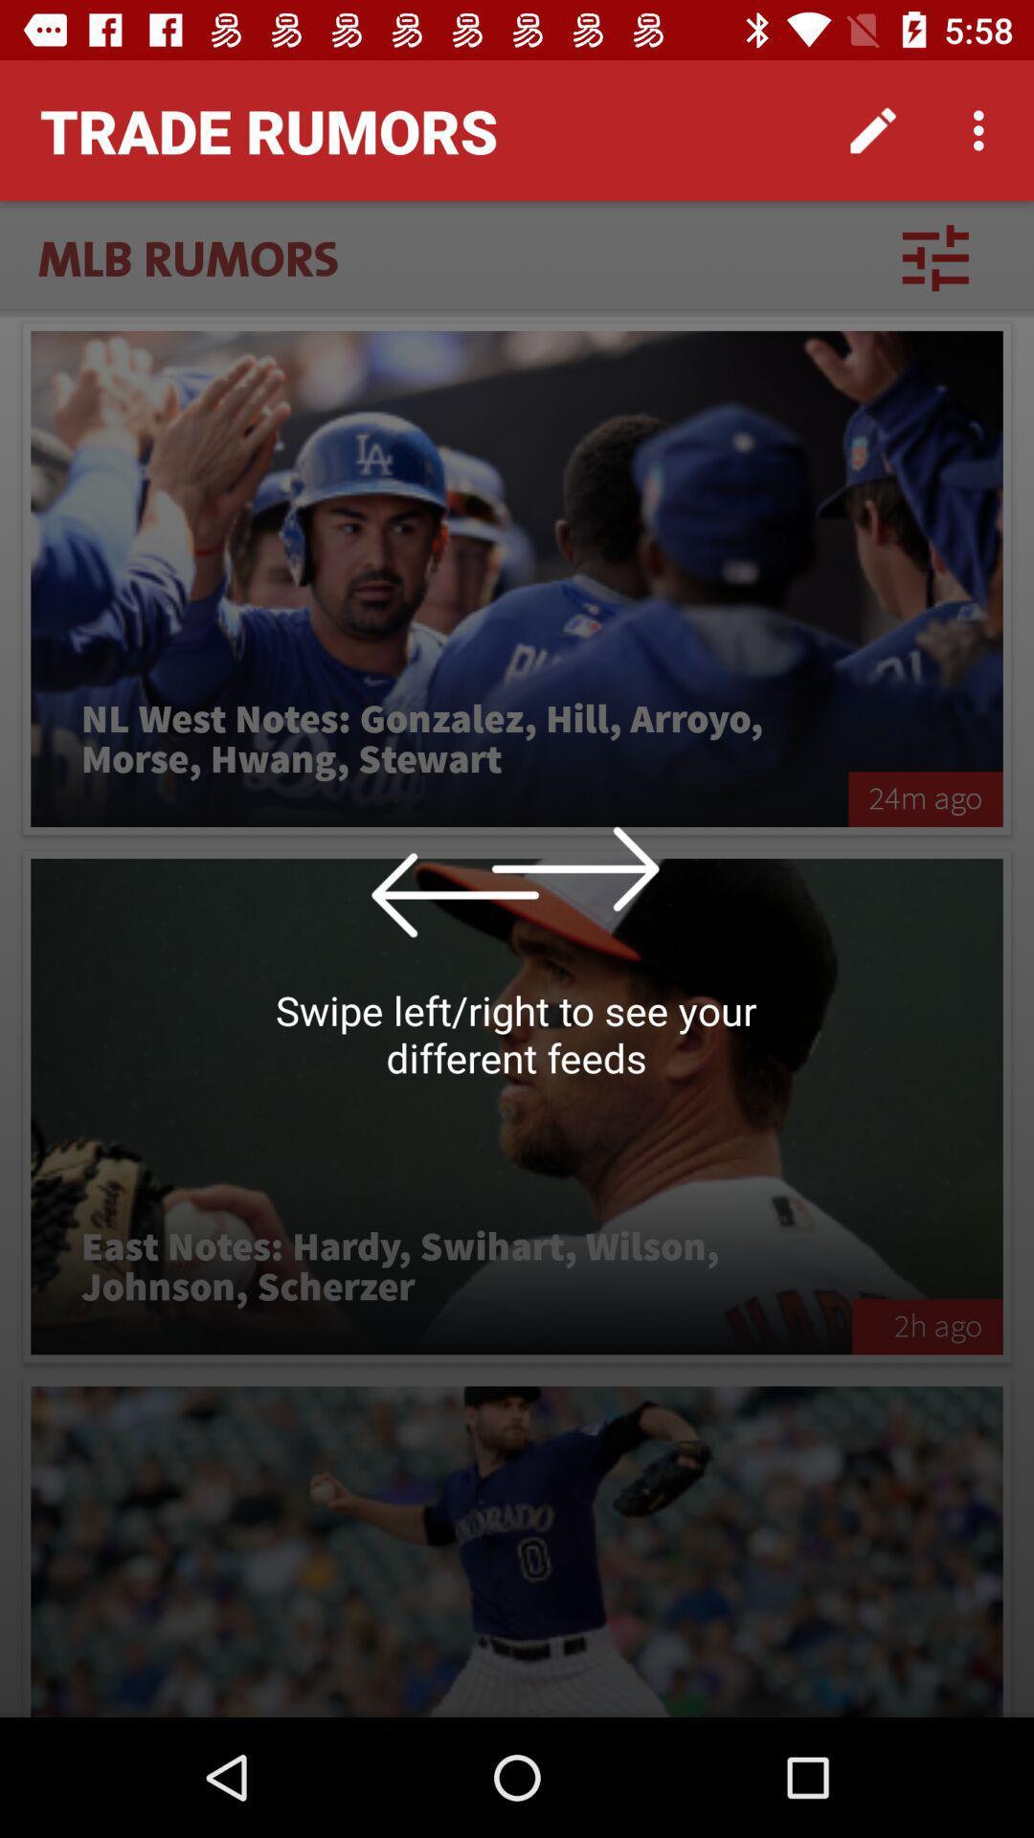 The height and width of the screenshot is (1838, 1034). Describe the element at coordinates (925, 799) in the screenshot. I see `icon to the right of nl west notes item` at that location.